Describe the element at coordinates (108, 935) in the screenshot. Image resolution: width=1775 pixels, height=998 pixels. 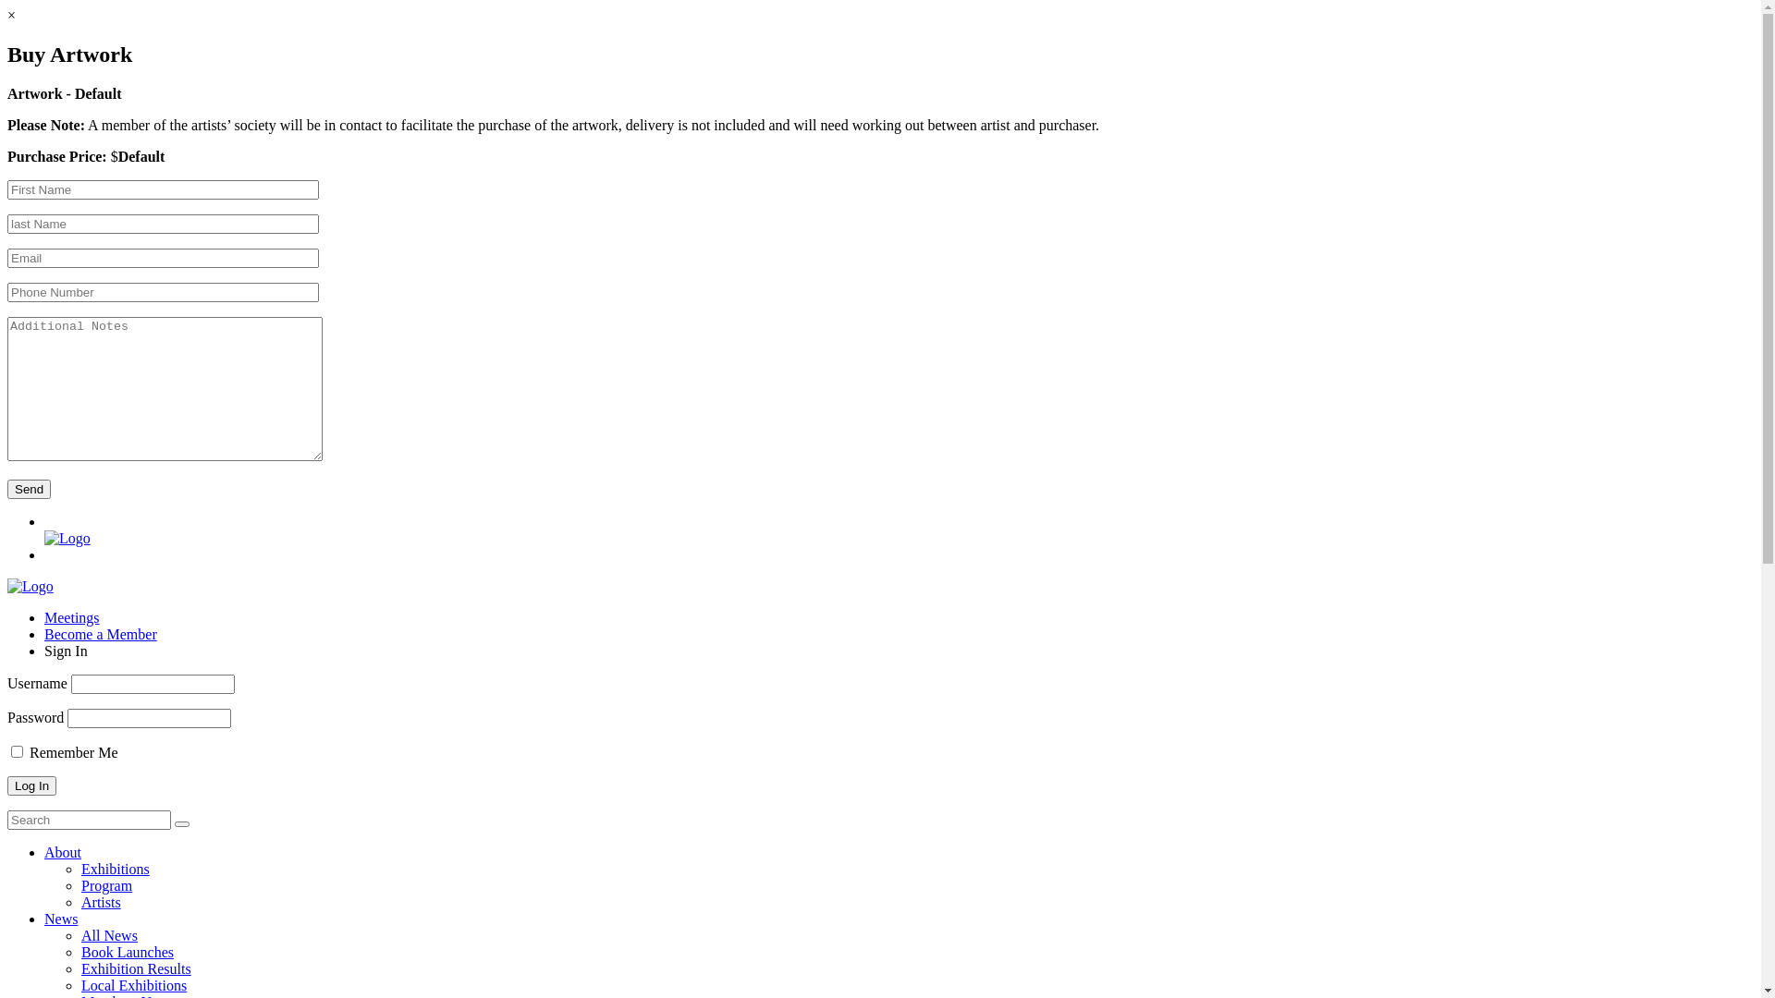
I see `'All News'` at that location.